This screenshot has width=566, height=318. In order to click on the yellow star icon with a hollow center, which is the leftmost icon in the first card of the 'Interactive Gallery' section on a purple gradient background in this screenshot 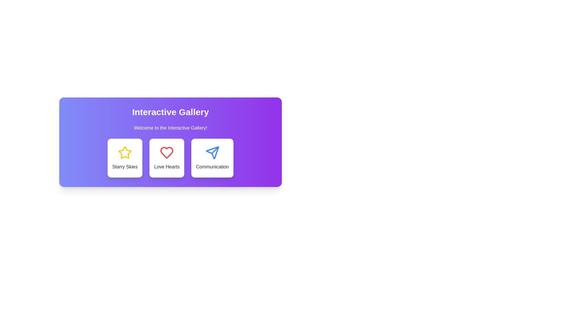, I will do `click(124, 152)`.